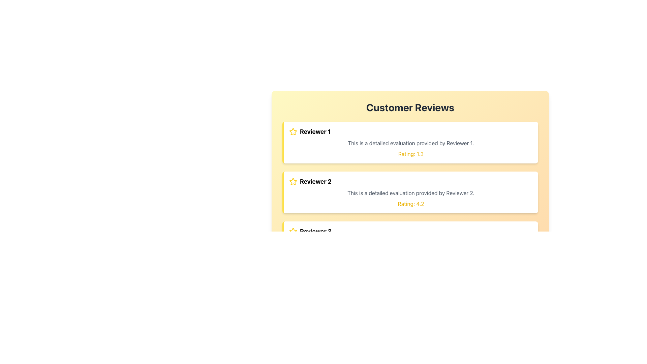 This screenshot has height=364, width=647. Describe the element at coordinates (410, 154) in the screenshot. I see `the text label displaying 'Rating: 1.3' which is styled in yellow and located at the bottom of the content for 'Reviewer 1'` at that location.